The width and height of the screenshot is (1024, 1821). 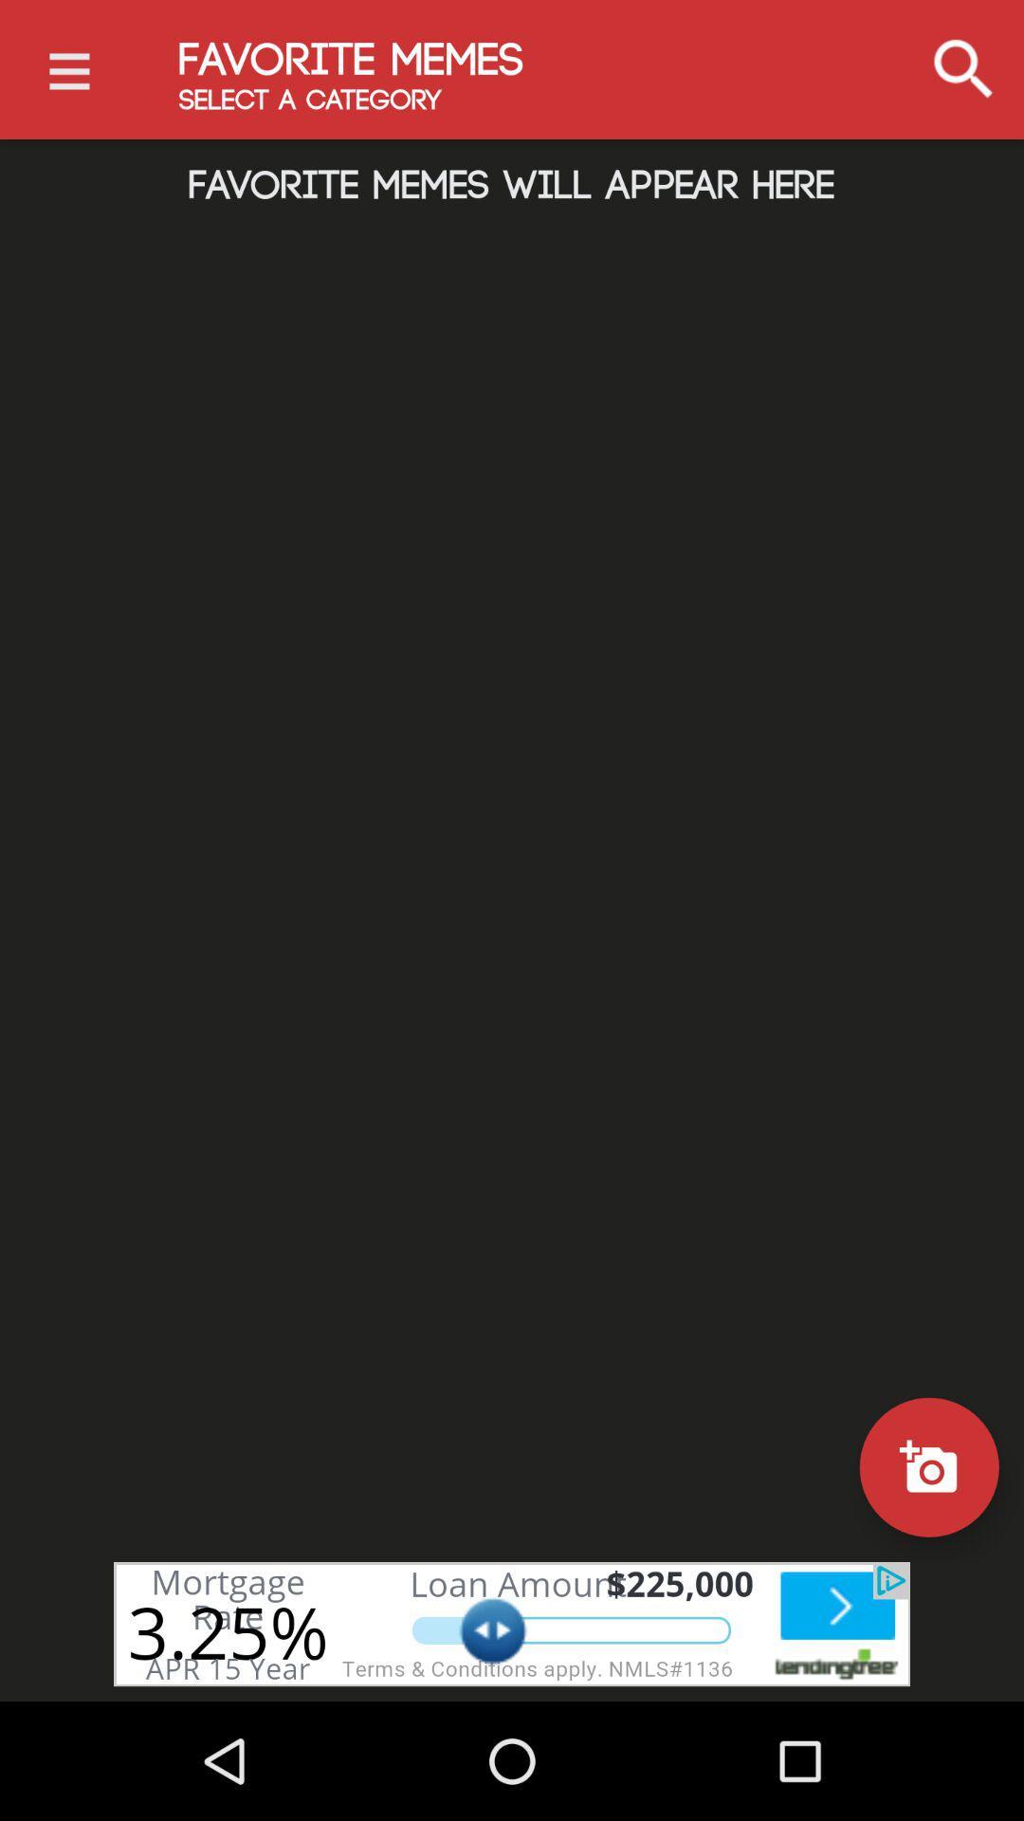 What do you see at coordinates (512, 1623) in the screenshot?
I see `click advertisement to go to advertisement page` at bounding box center [512, 1623].